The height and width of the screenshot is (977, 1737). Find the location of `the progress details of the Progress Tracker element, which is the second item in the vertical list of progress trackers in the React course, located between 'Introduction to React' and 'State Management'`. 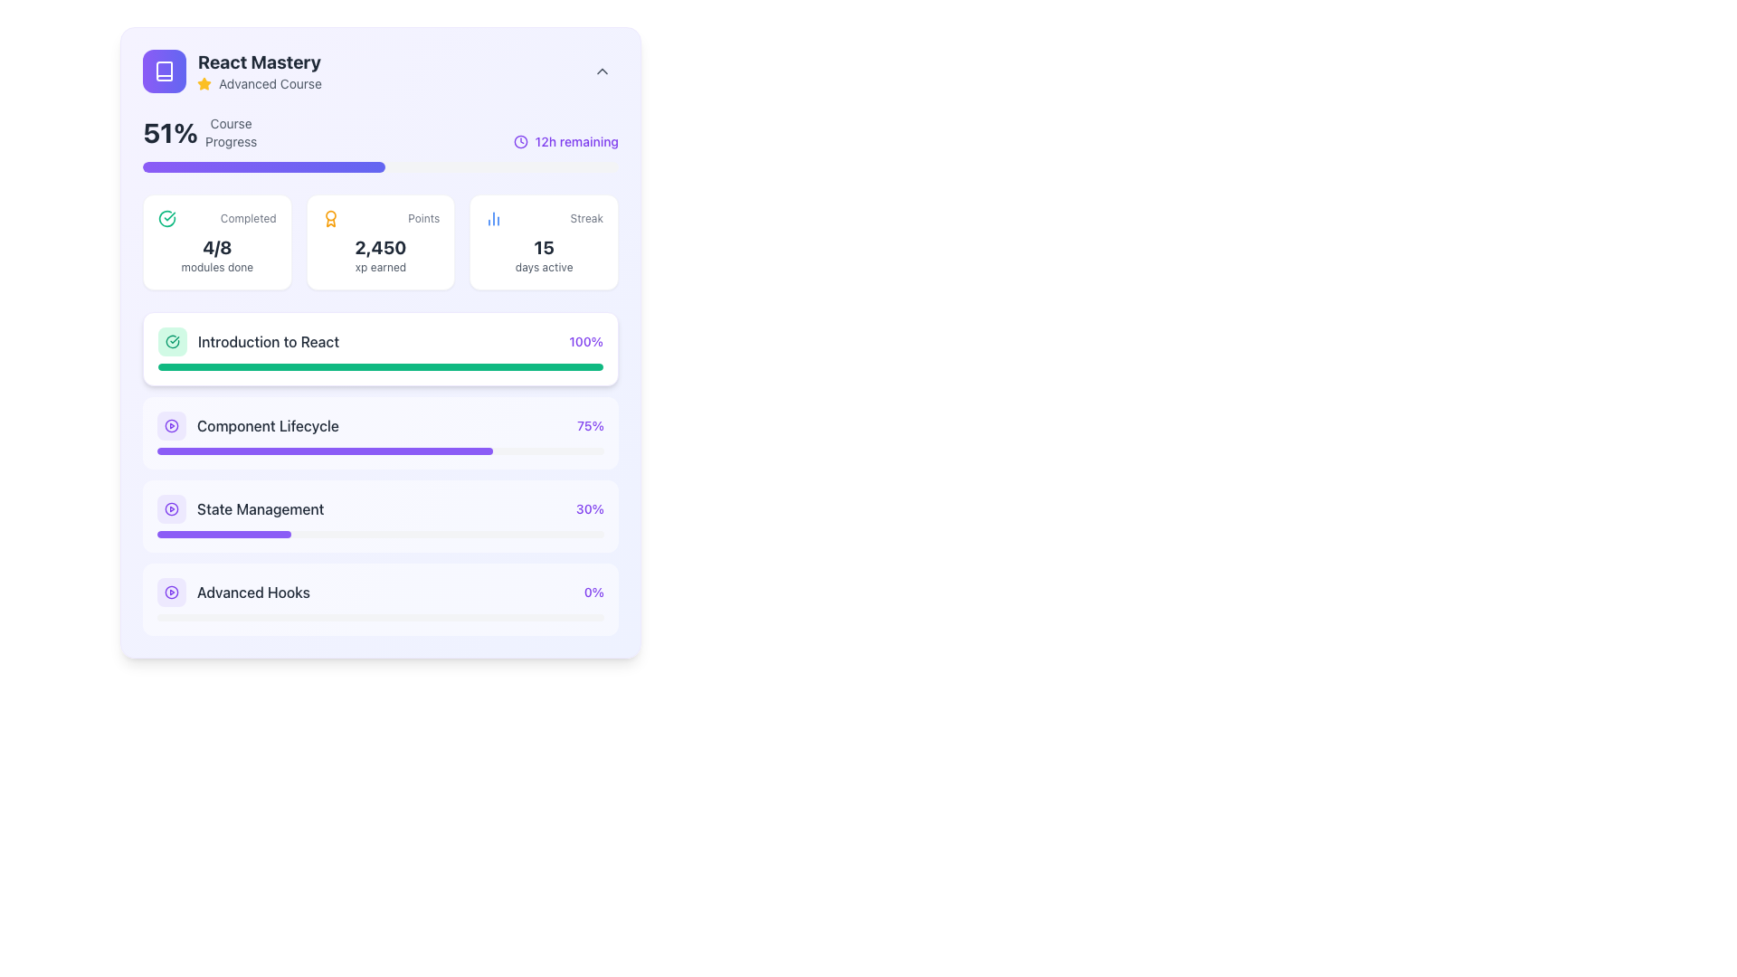

the progress details of the Progress Tracker element, which is the second item in the vertical list of progress trackers in the React course, located between 'Introduction to React' and 'State Management' is located at coordinates (380, 473).